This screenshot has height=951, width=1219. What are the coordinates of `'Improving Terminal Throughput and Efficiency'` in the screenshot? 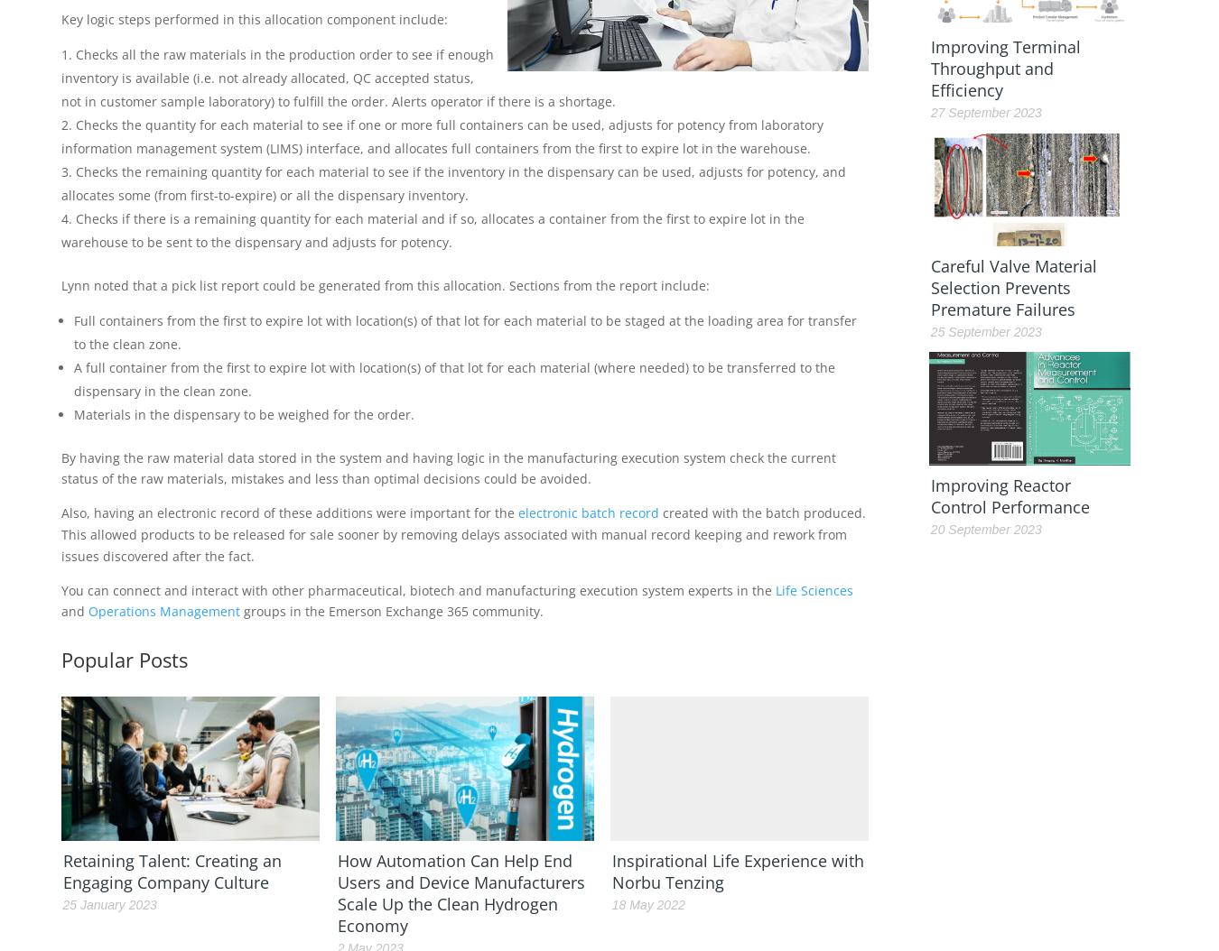 It's located at (1004, 67).